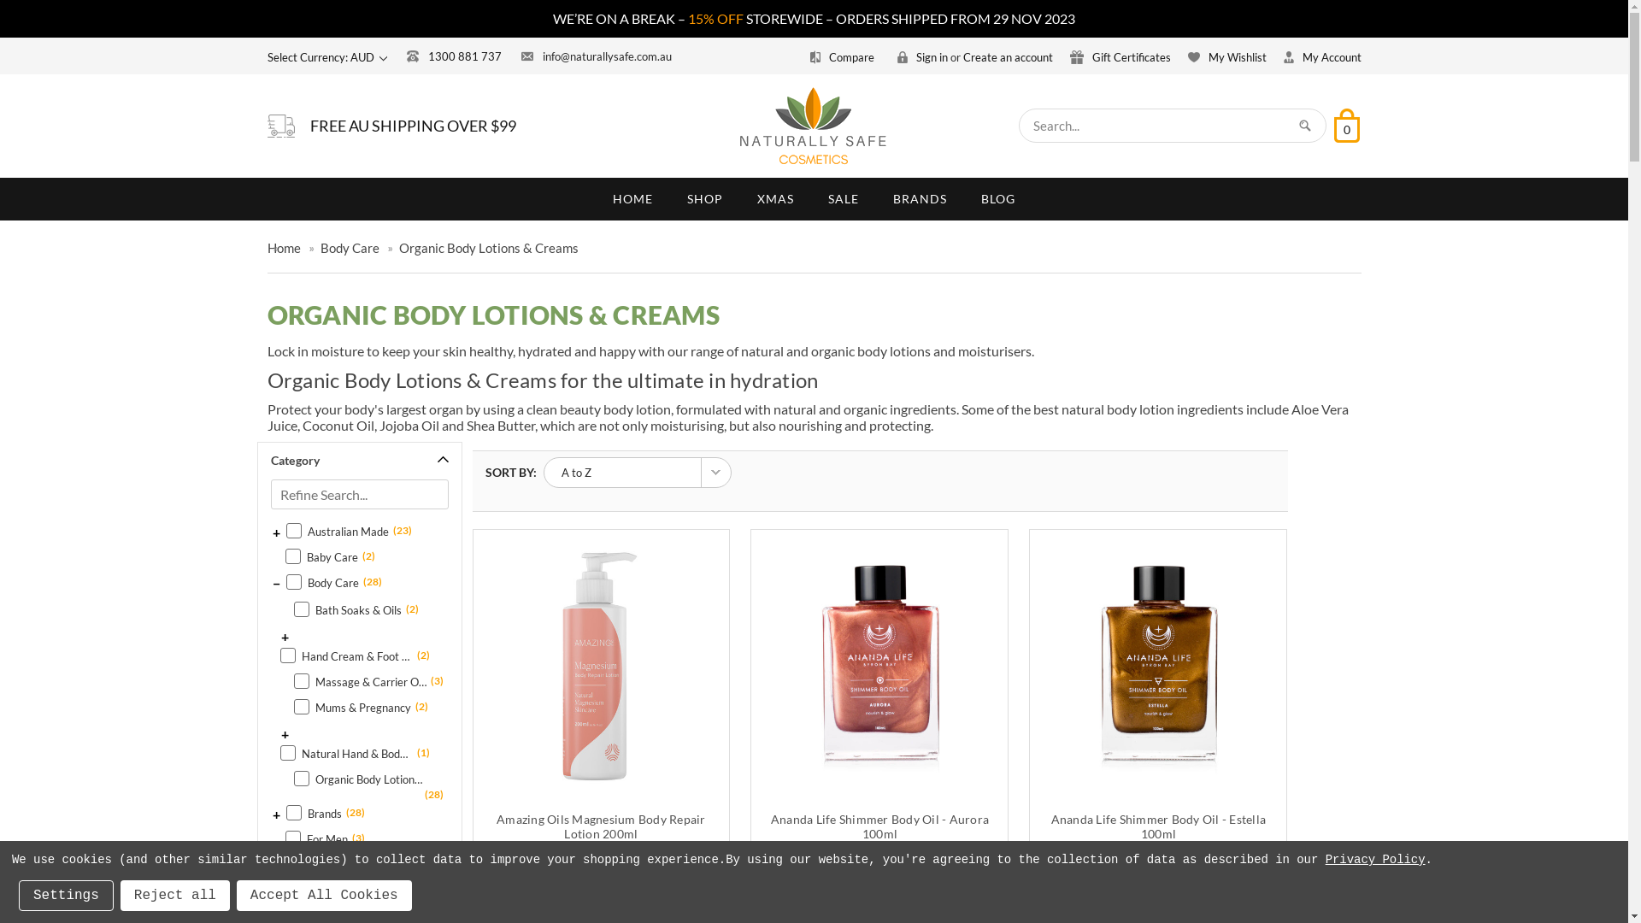  I want to click on 'Search', so click(1303, 124).